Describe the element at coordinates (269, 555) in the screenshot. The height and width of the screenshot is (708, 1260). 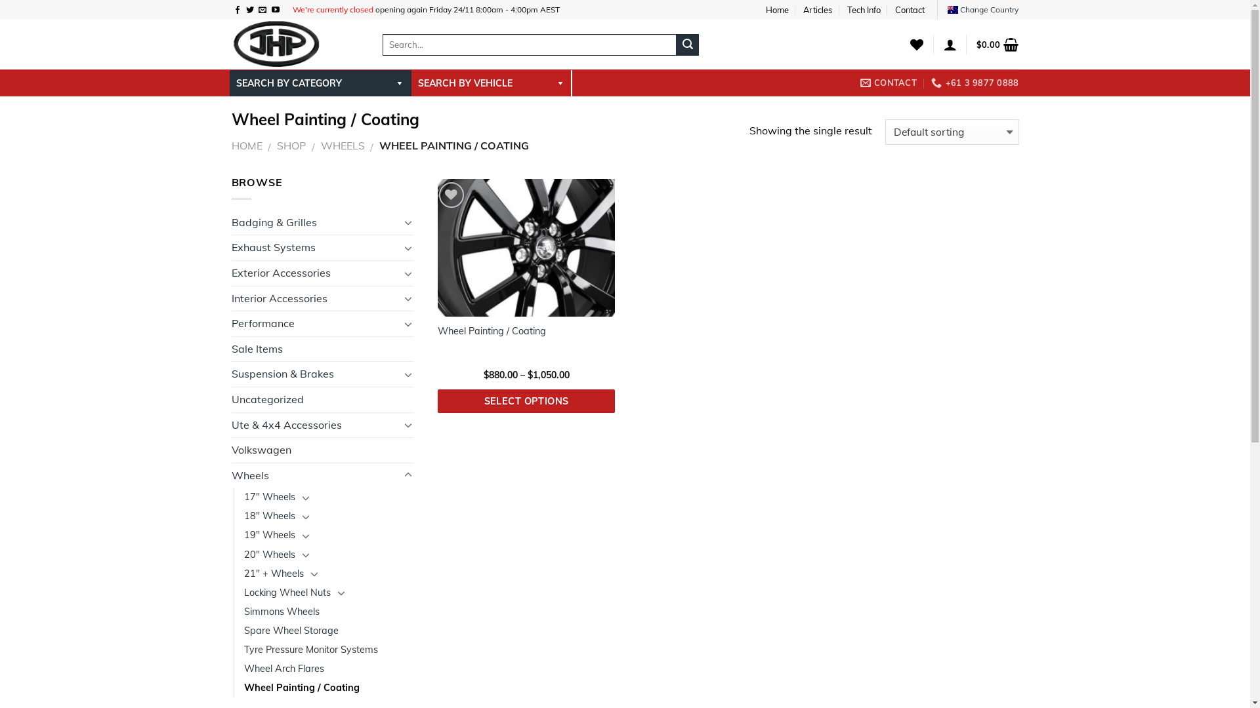
I see `'20" Wheels'` at that location.